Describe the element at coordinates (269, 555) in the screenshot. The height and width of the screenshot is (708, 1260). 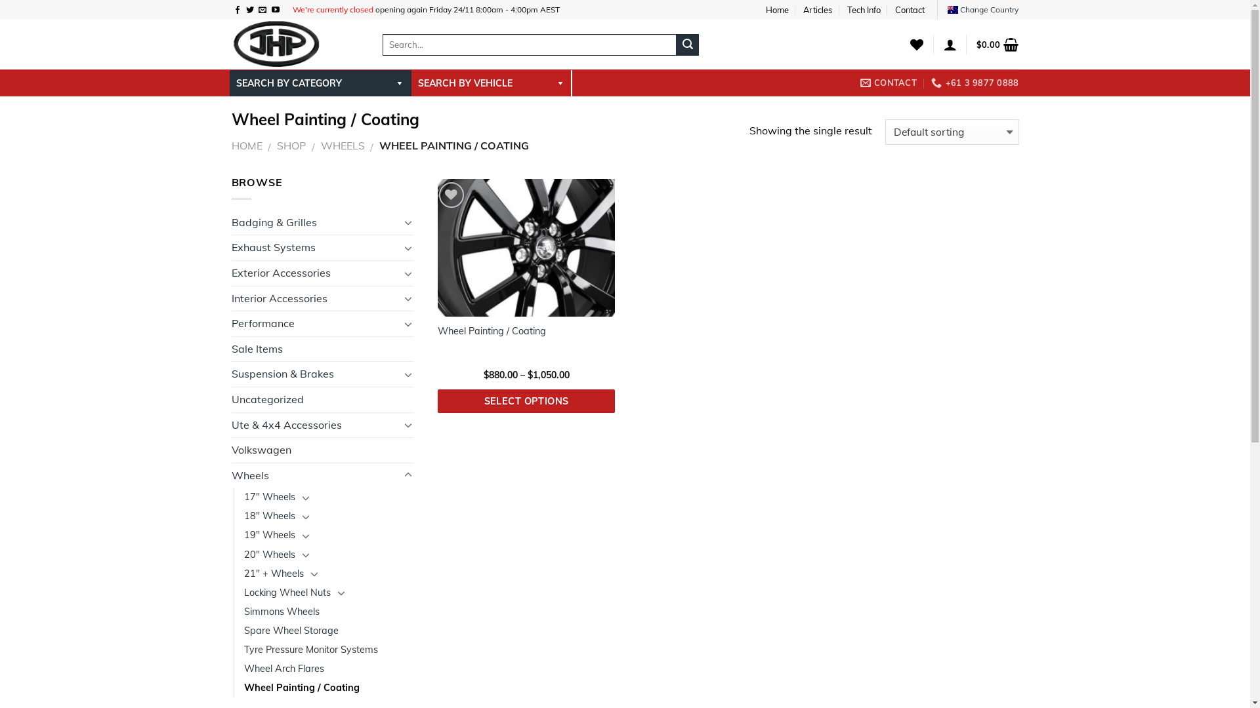
I see `'20" Wheels'` at that location.